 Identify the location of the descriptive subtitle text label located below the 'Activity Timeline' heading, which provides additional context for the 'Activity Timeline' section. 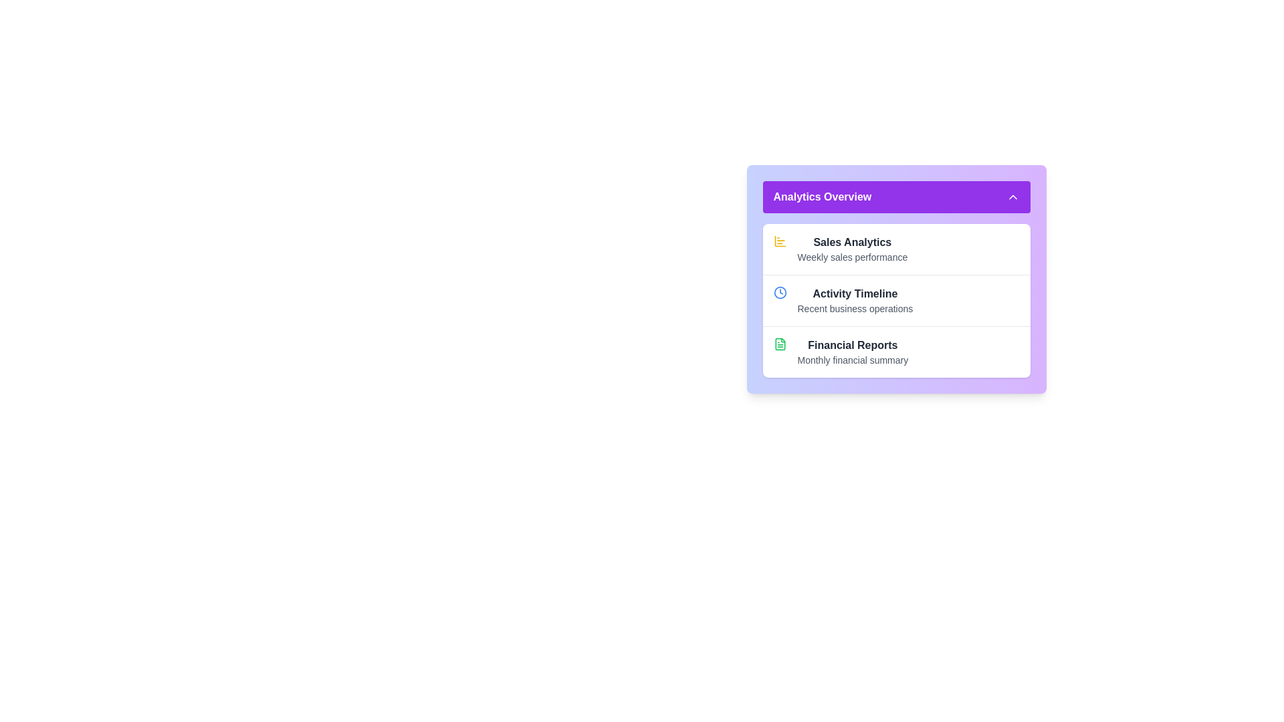
(854, 309).